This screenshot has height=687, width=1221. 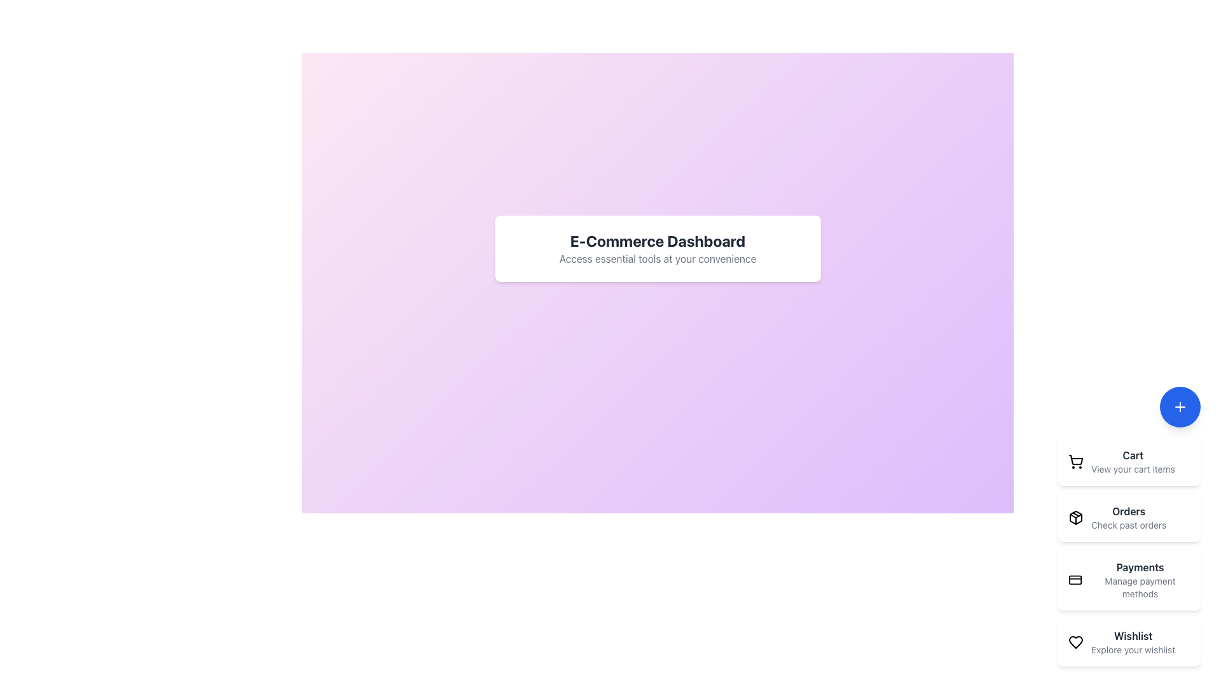 I want to click on the second interactive card titled 'Orders', which is identified by a white rectangular card with a black package icon on the left and the text 'Orders' in bold dark gray followed by 'Check past orders' in light gray, so click(x=1129, y=517).